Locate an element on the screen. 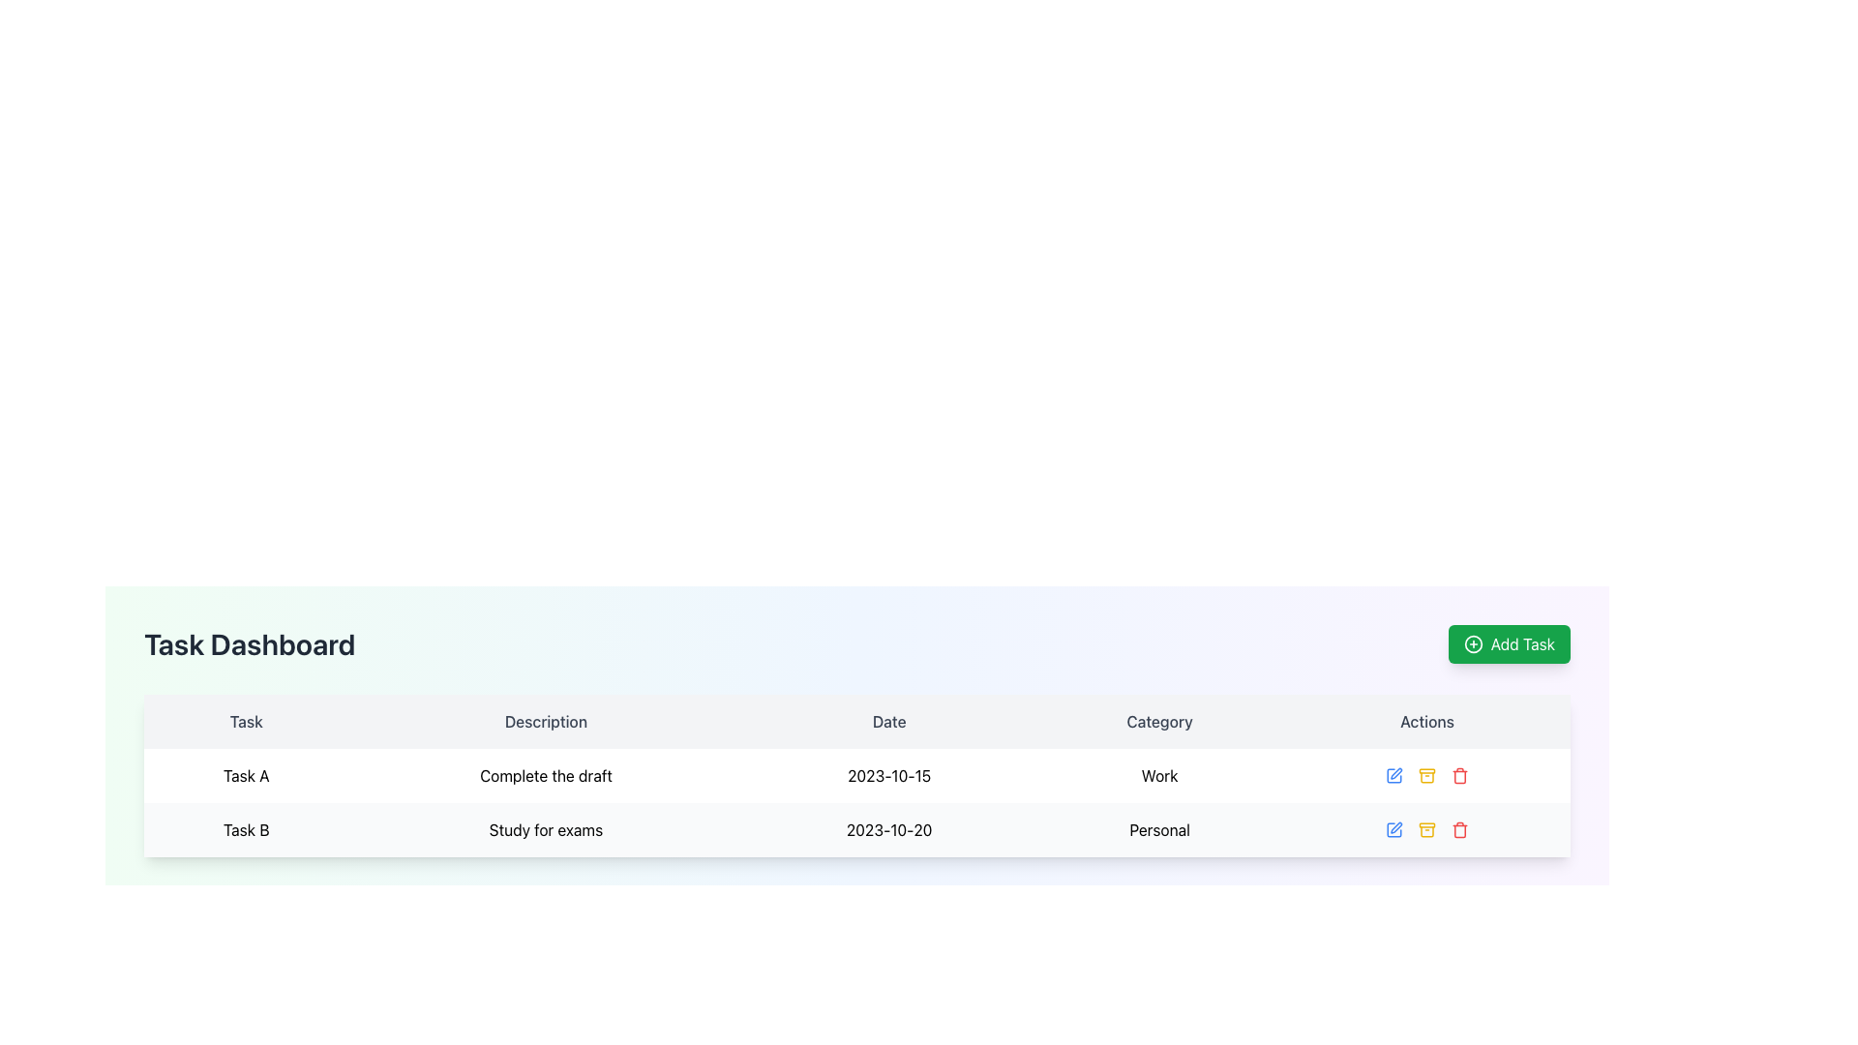 The image size is (1858, 1045). the archive button icon located in the 'Actions' column of Task A to observe the color change, which is the second icon between the edit and delete icons is located at coordinates (1427, 775).